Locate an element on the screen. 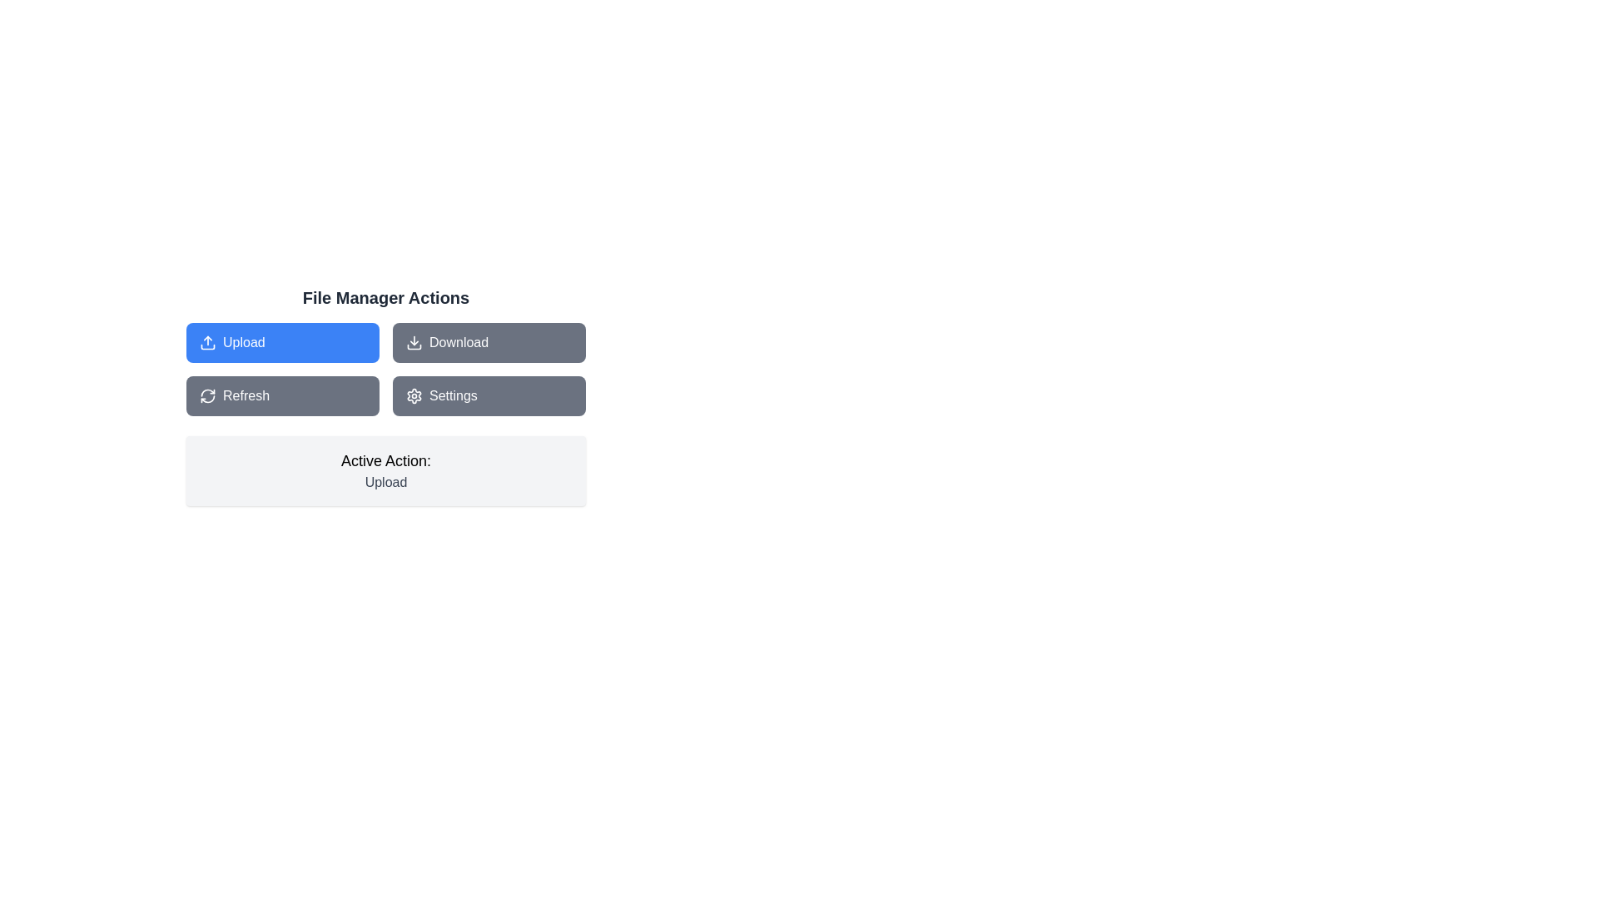  the 'Refresh' button within the file management composite component that includes a header, action buttons, and a status display is located at coordinates (385, 395).